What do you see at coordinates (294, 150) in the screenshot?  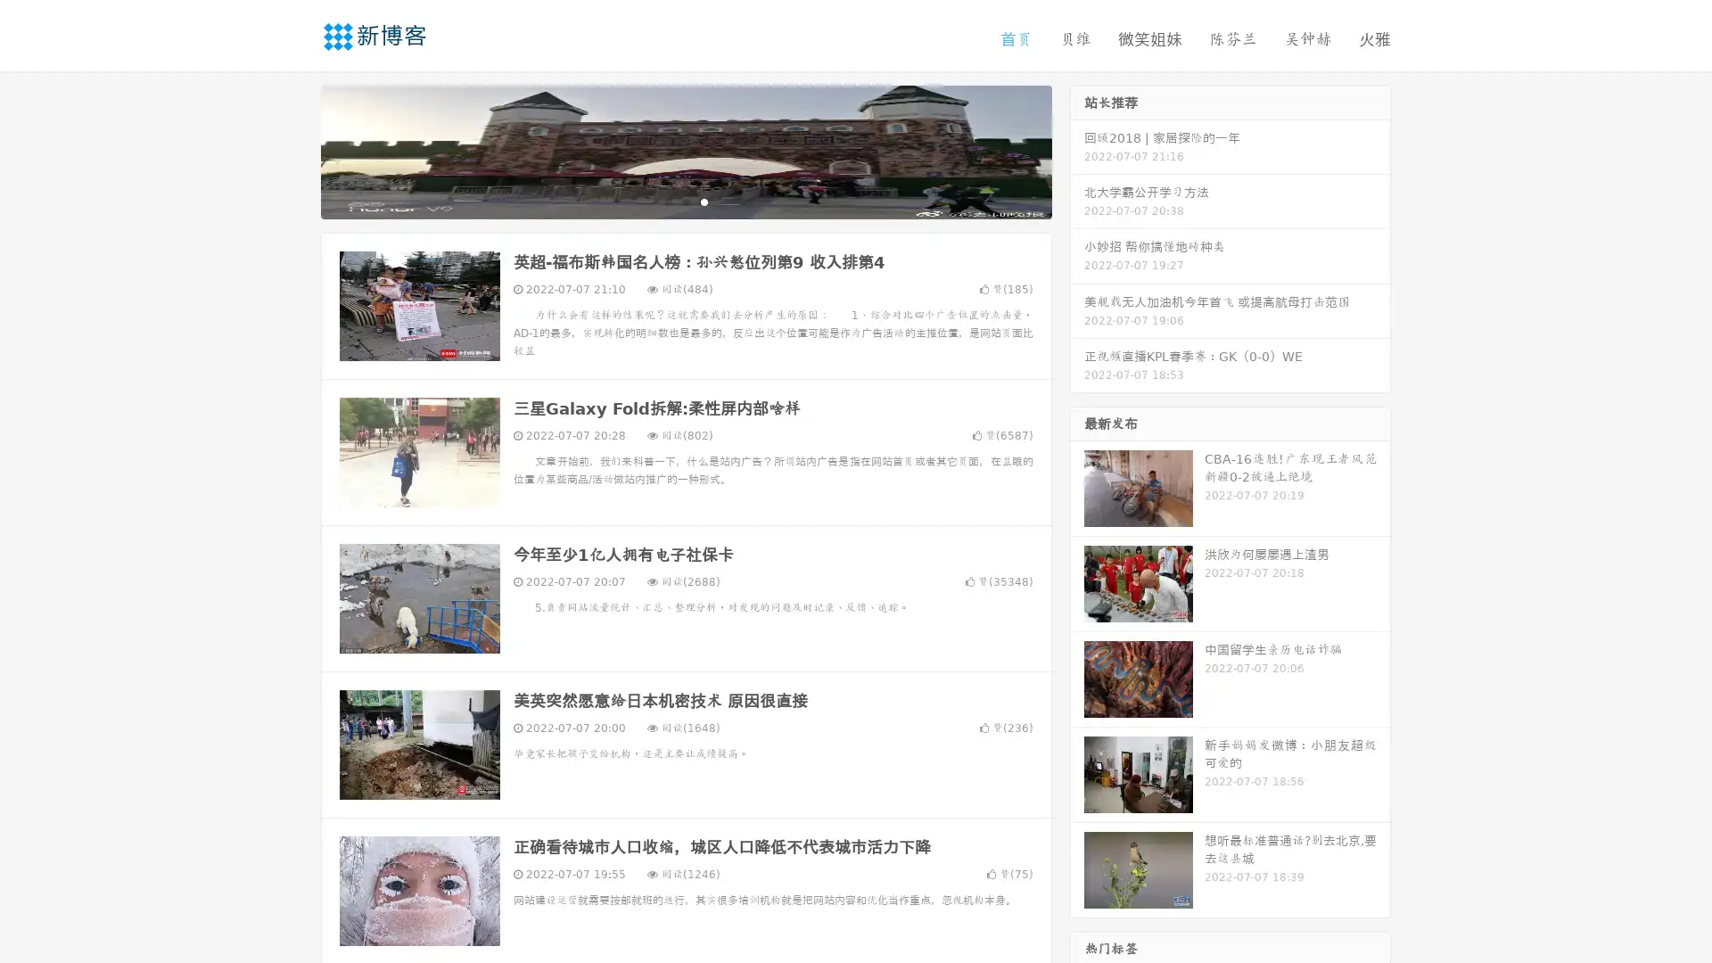 I see `Previous slide` at bounding box center [294, 150].